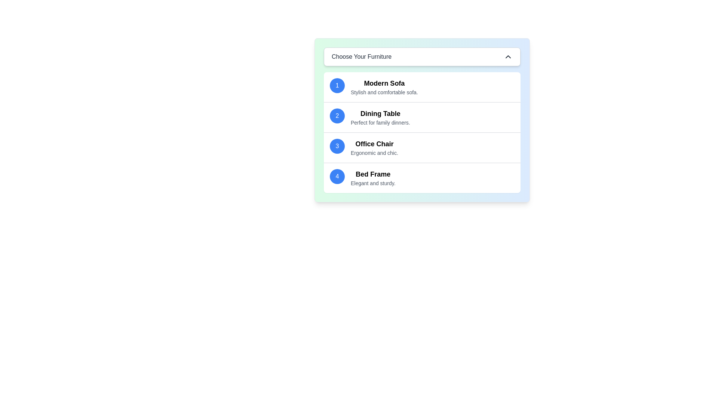 The height and width of the screenshot is (404, 718). I want to click on the text label displaying 'Modern Sofa', which is bold and serves as a title for the description below it, so click(384, 83).